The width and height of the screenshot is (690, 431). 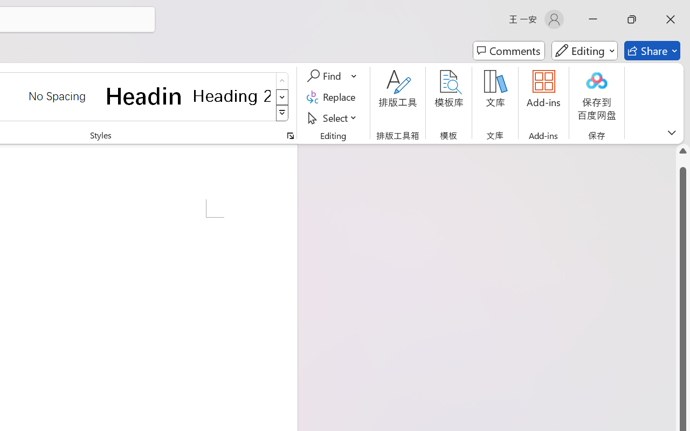 What do you see at coordinates (290, 135) in the screenshot?
I see `'Styles...'` at bounding box center [290, 135].